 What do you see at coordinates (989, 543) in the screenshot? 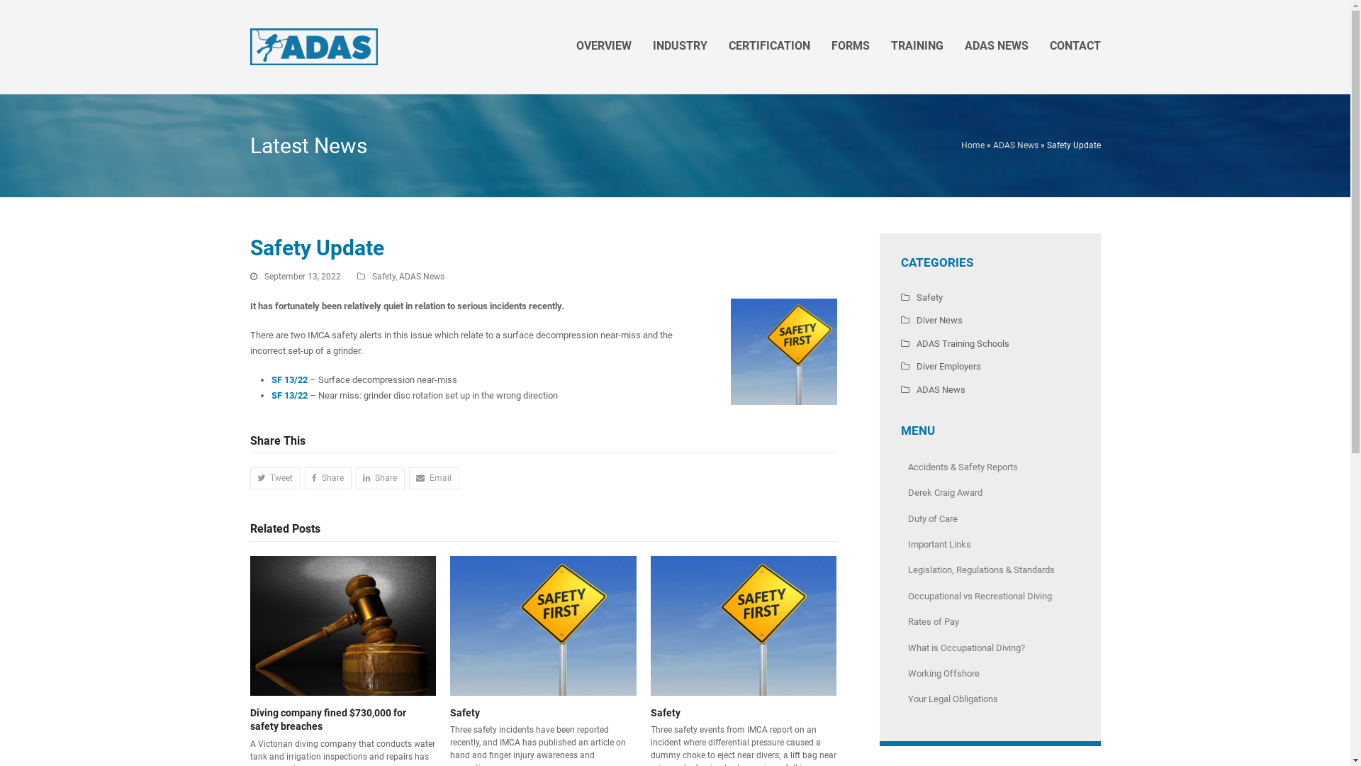
I see `'Important Links'` at bounding box center [989, 543].